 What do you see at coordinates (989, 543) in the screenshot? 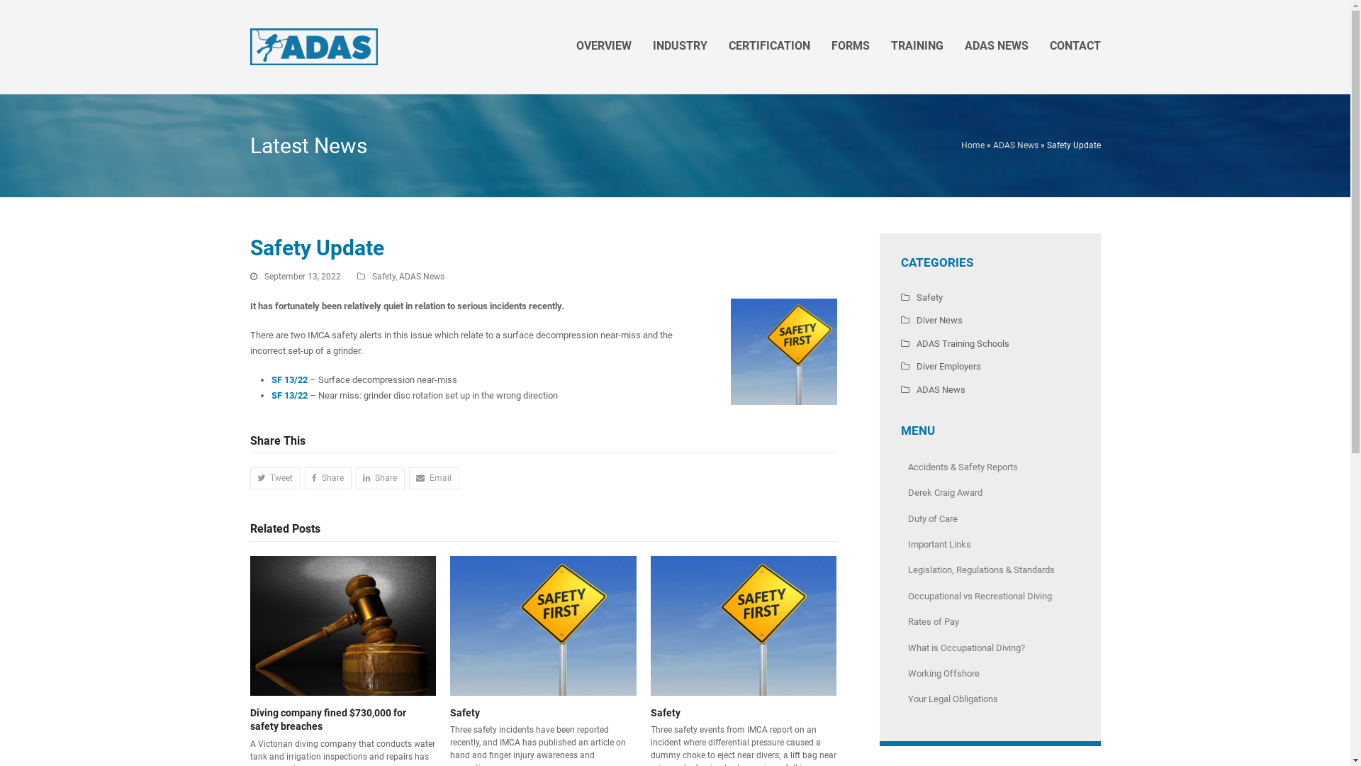
I see `'Important Links'` at bounding box center [989, 543].